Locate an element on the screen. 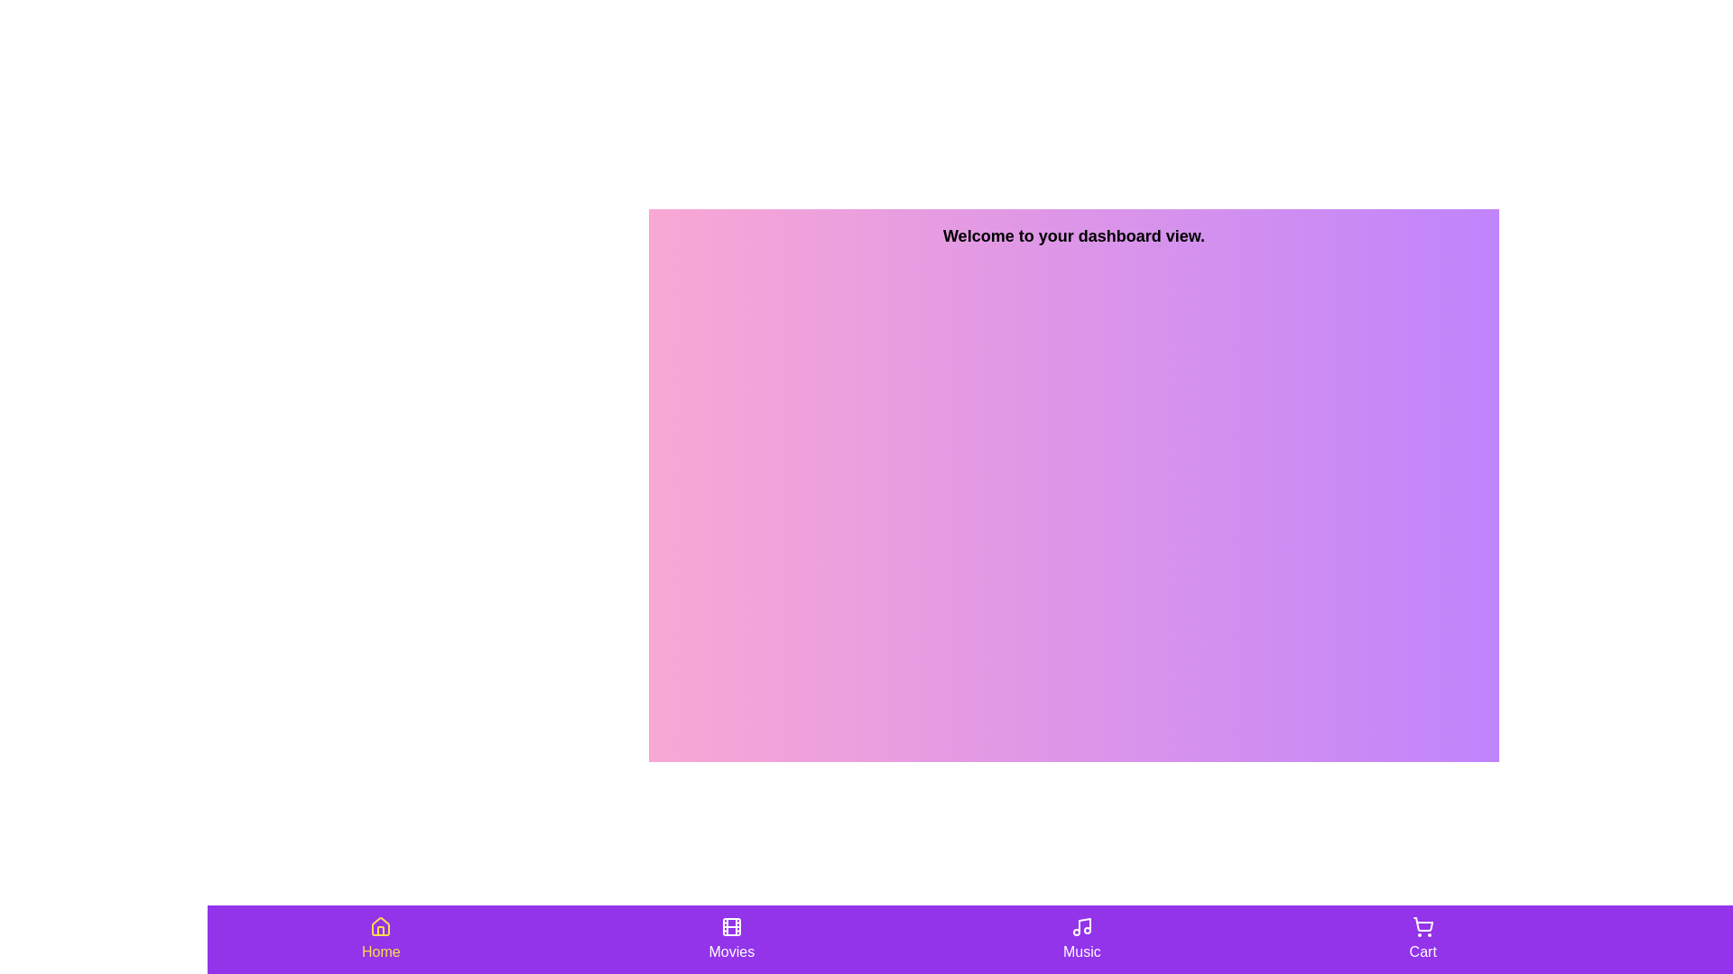 The width and height of the screenshot is (1733, 974). the Music tab by clicking on its button is located at coordinates (1081, 938).